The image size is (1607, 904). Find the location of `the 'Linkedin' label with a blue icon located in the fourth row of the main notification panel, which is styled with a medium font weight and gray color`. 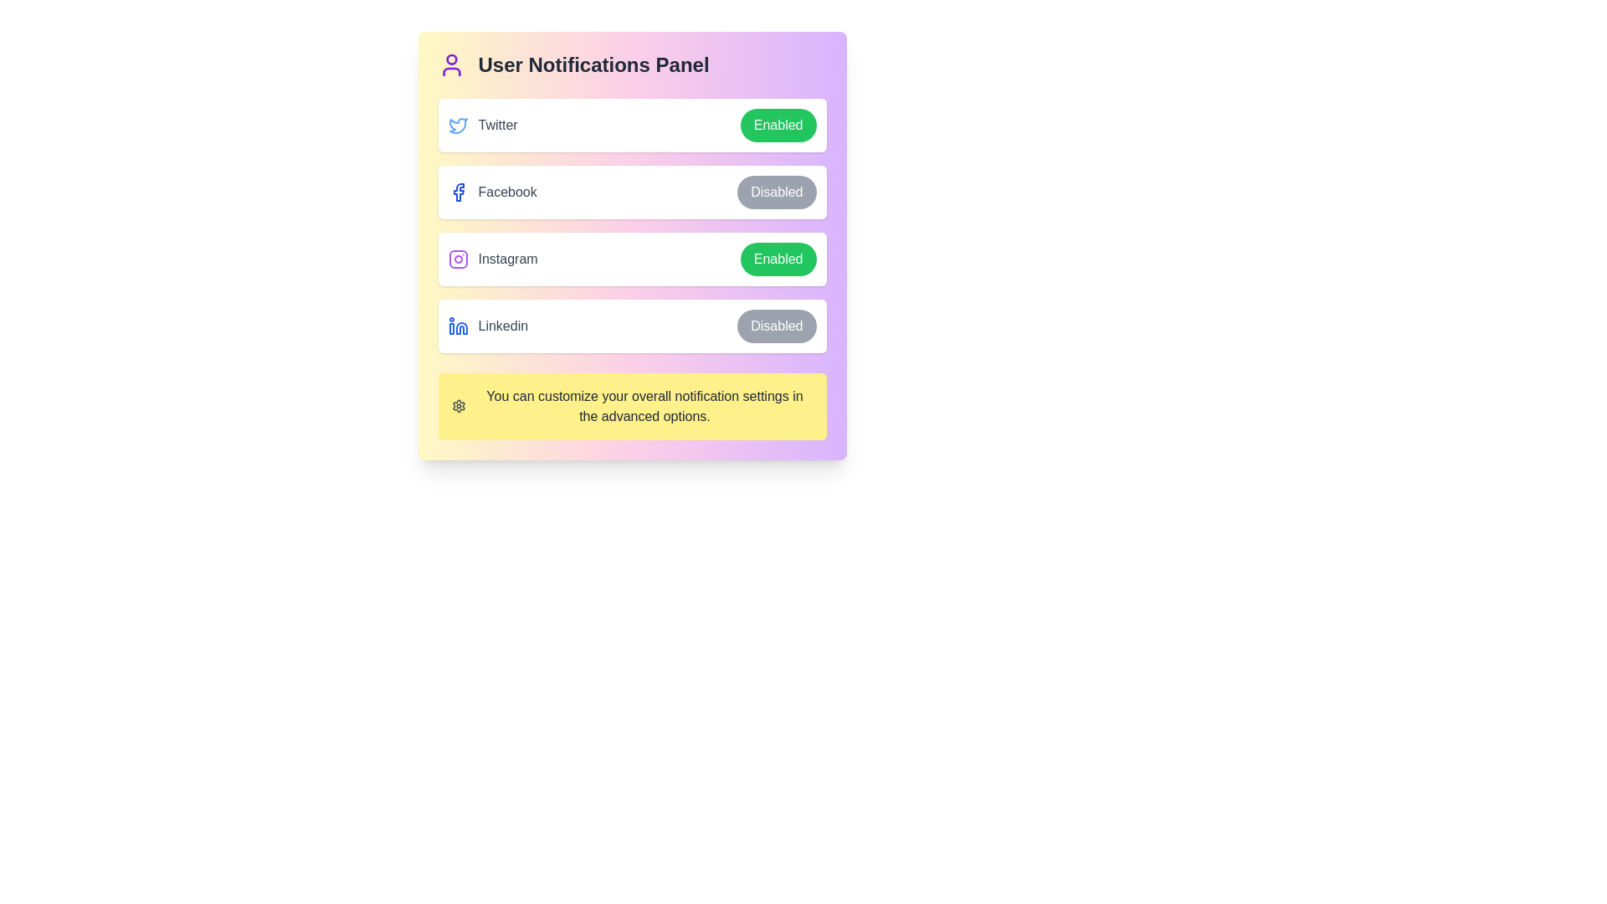

the 'Linkedin' label with a blue icon located in the fourth row of the main notification panel, which is styled with a medium font weight and gray color is located at coordinates (487, 326).